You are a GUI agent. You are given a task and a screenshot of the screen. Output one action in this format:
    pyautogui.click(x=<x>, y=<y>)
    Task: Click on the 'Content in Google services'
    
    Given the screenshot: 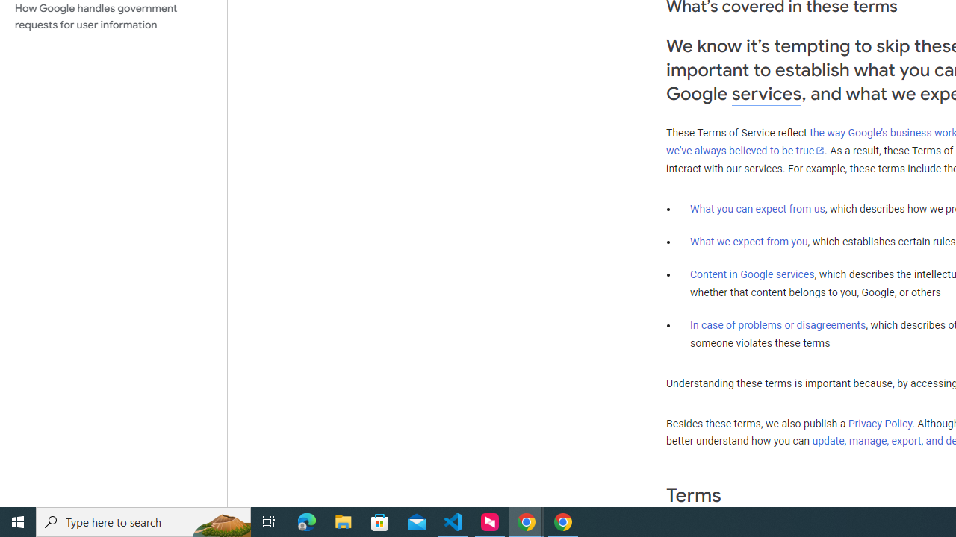 What is the action you would take?
    pyautogui.click(x=752, y=274)
    